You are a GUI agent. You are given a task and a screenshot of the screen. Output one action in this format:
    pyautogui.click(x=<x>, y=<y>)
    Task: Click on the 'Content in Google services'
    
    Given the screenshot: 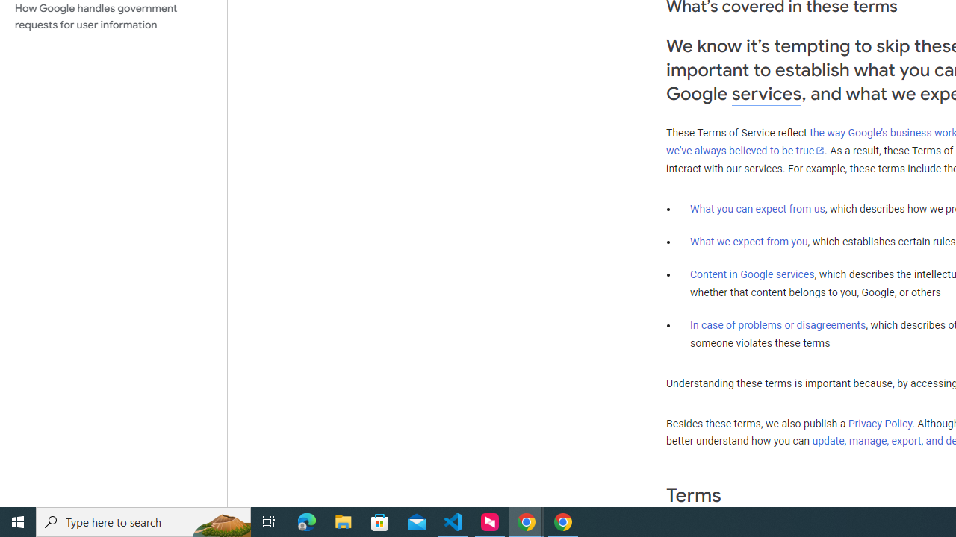 What is the action you would take?
    pyautogui.click(x=752, y=274)
    